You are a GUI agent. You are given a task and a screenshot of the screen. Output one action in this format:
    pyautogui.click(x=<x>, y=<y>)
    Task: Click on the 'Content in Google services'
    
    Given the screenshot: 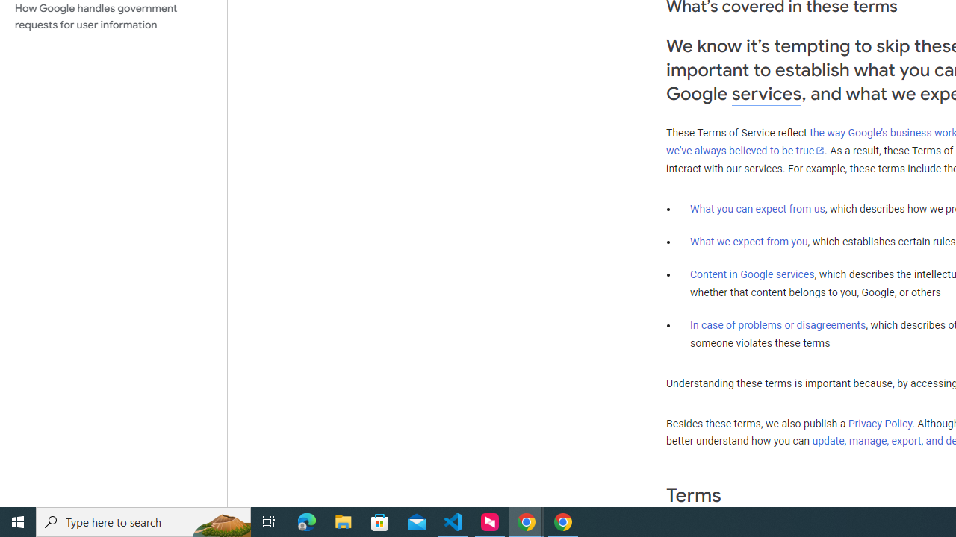 What is the action you would take?
    pyautogui.click(x=752, y=274)
    